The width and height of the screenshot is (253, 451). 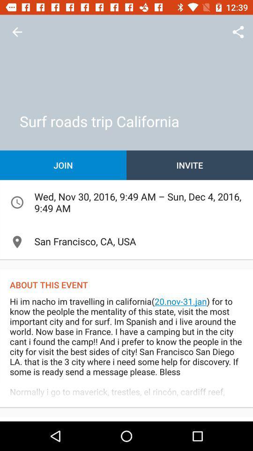 What do you see at coordinates (238, 32) in the screenshot?
I see `icon at the top right corner` at bounding box center [238, 32].